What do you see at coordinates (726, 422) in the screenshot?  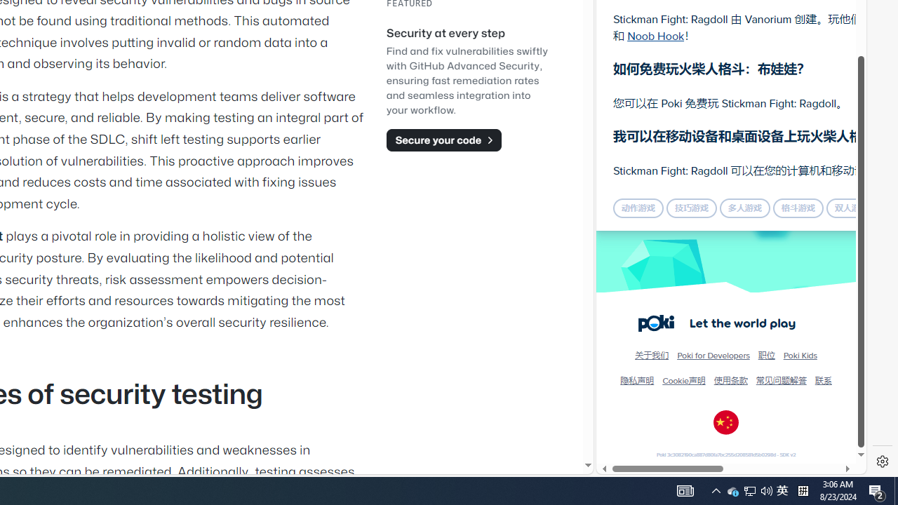 I see `'Choose language'` at bounding box center [726, 422].